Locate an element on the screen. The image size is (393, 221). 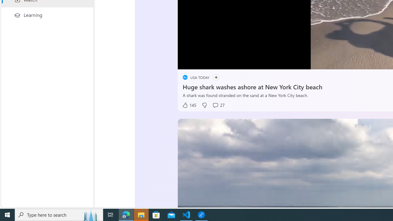
'placeholder' is located at coordinates (185, 77).